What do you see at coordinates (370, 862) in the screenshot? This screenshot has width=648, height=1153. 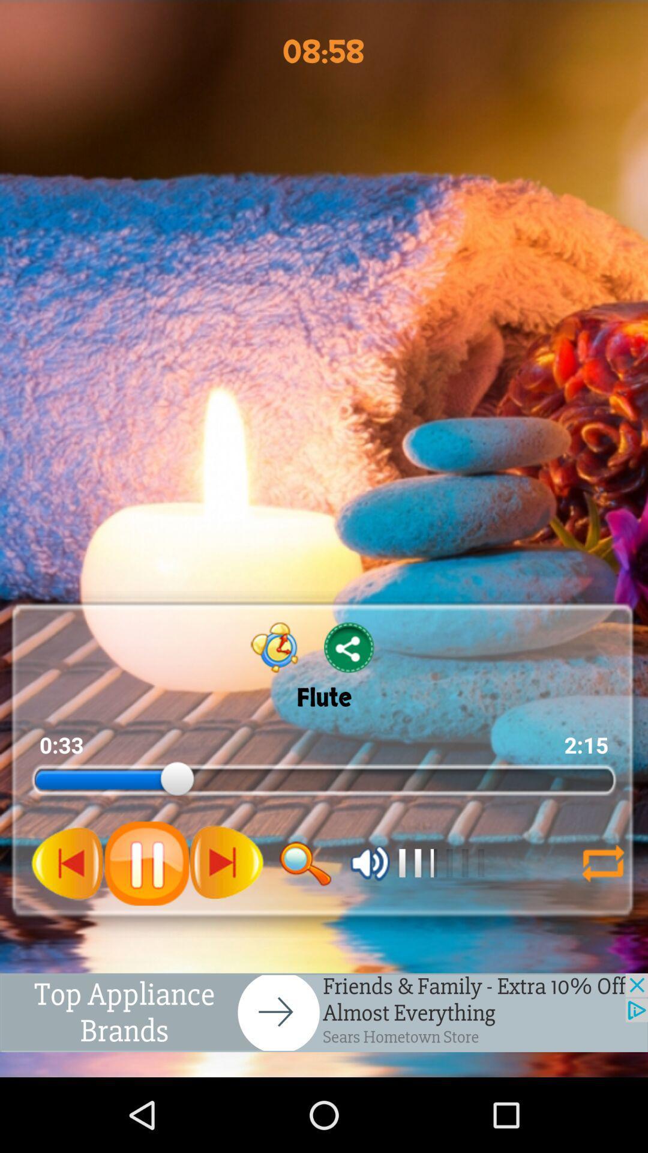 I see `volume` at bounding box center [370, 862].